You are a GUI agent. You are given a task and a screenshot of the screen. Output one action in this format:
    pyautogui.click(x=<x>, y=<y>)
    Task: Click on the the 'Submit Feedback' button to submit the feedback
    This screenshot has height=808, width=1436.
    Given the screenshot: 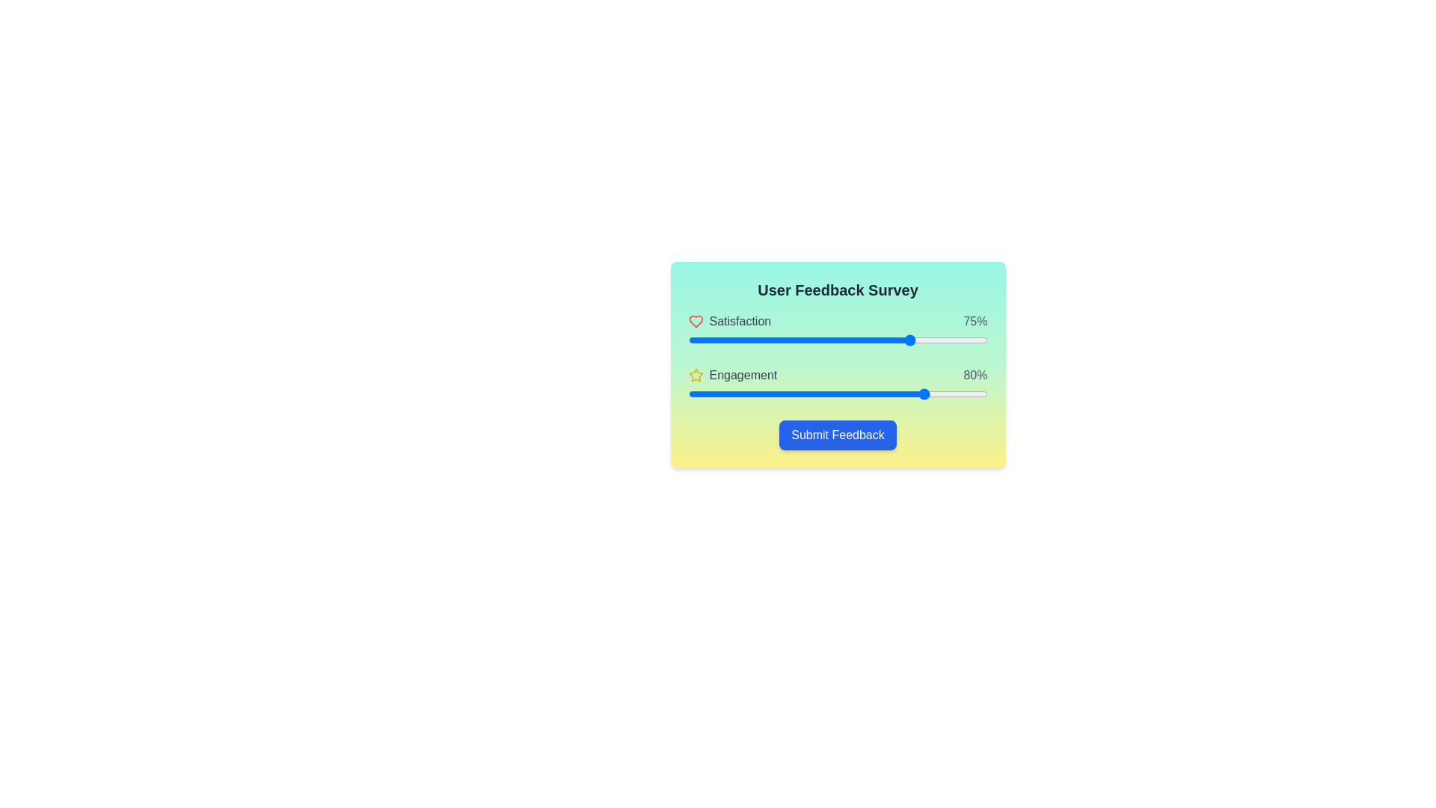 What is the action you would take?
    pyautogui.click(x=838, y=435)
    